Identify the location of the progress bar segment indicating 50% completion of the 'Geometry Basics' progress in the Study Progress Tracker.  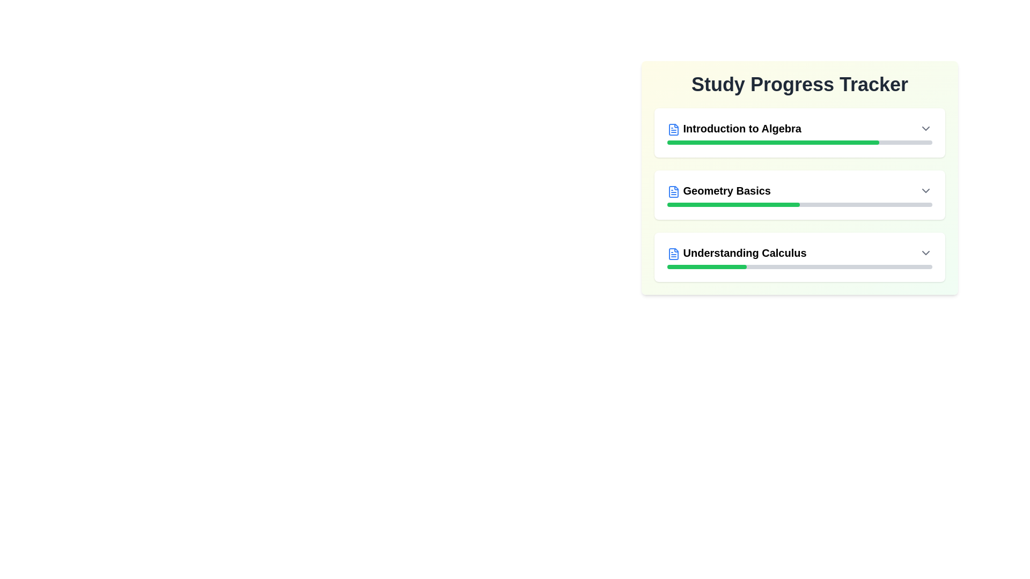
(733, 204).